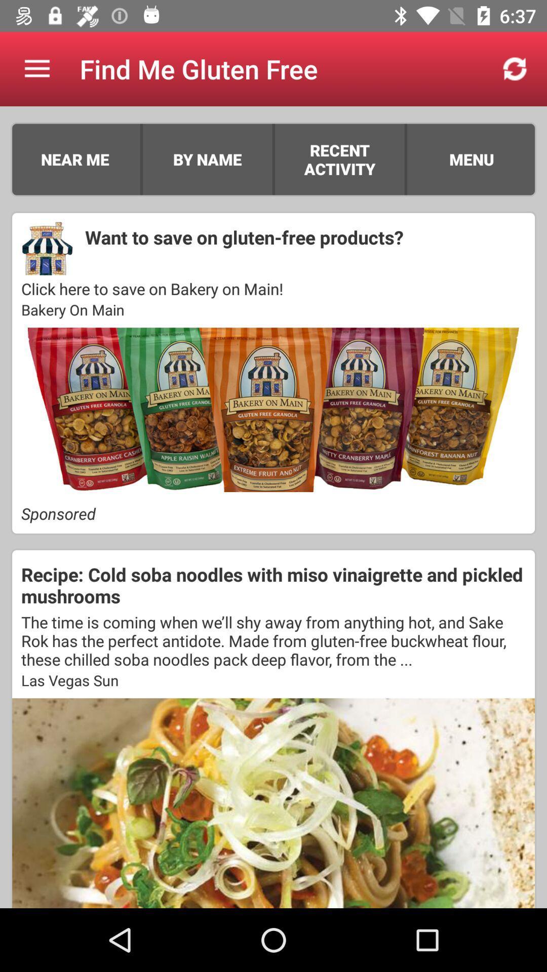 This screenshot has width=547, height=972. Describe the element at coordinates (36, 68) in the screenshot. I see `the icon above near me` at that location.